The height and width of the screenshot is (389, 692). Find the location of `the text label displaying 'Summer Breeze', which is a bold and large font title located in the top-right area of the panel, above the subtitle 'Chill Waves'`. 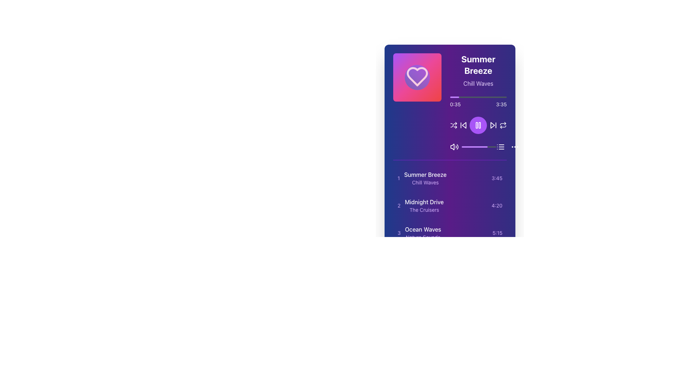

the text label displaying 'Summer Breeze', which is a bold and large font title located in the top-right area of the panel, above the subtitle 'Chill Waves' is located at coordinates (478, 65).